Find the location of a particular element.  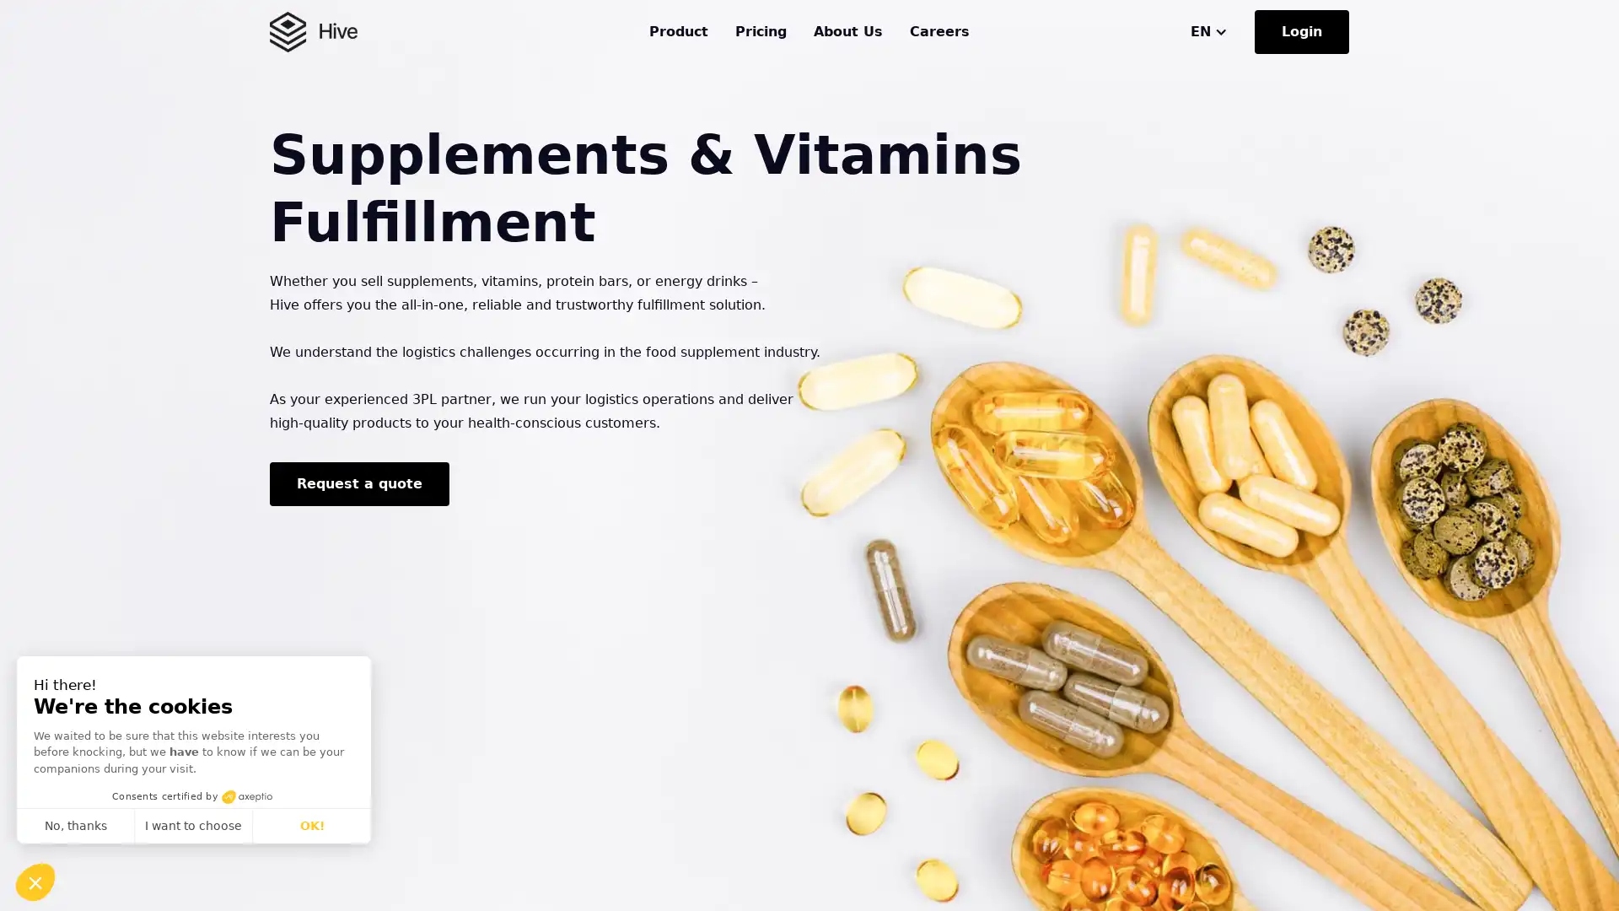

OK! is located at coordinates (311, 825).